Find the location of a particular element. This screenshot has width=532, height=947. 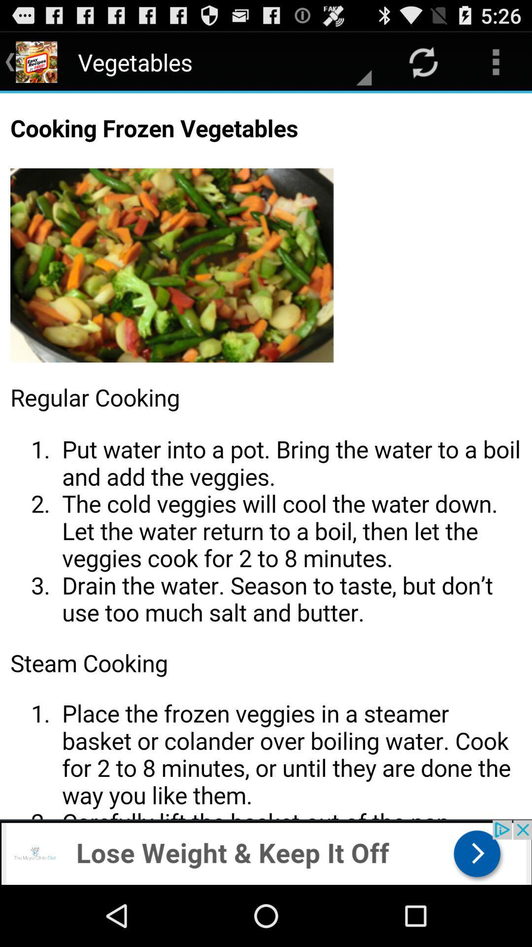

advertisement option is located at coordinates (266, 852).